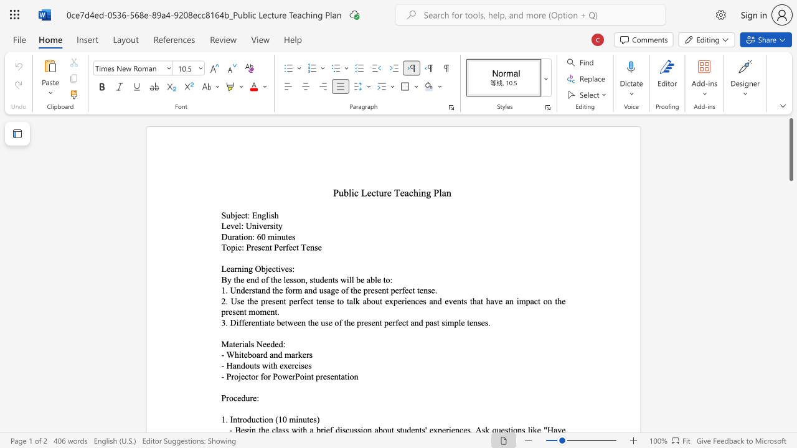  I want to click on the 3th character "e" in the text, so click(271, 322).